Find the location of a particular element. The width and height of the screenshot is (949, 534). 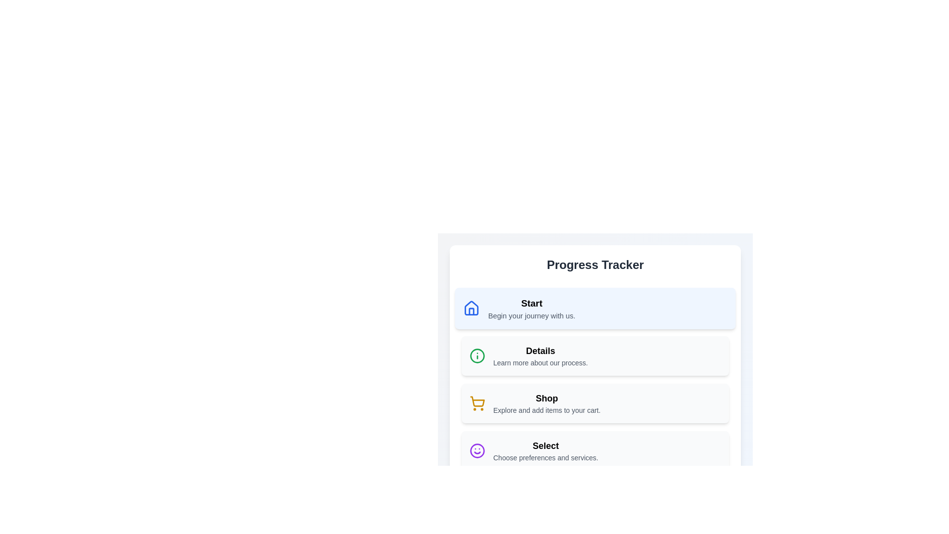

the text within the third informational card located below the 'Progress Tracker' header, which follows the 'Details' card and precedes the 'Select' card is located at coordinates (595, 403).